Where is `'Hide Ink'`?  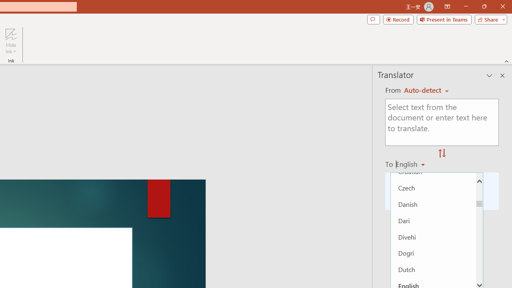
'Hide Ink' is located at coordinates (11, 34).